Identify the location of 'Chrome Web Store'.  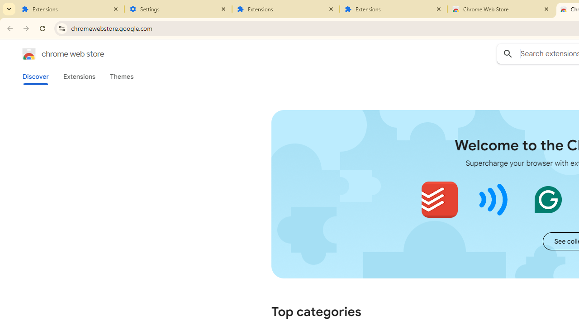
(501, 9).